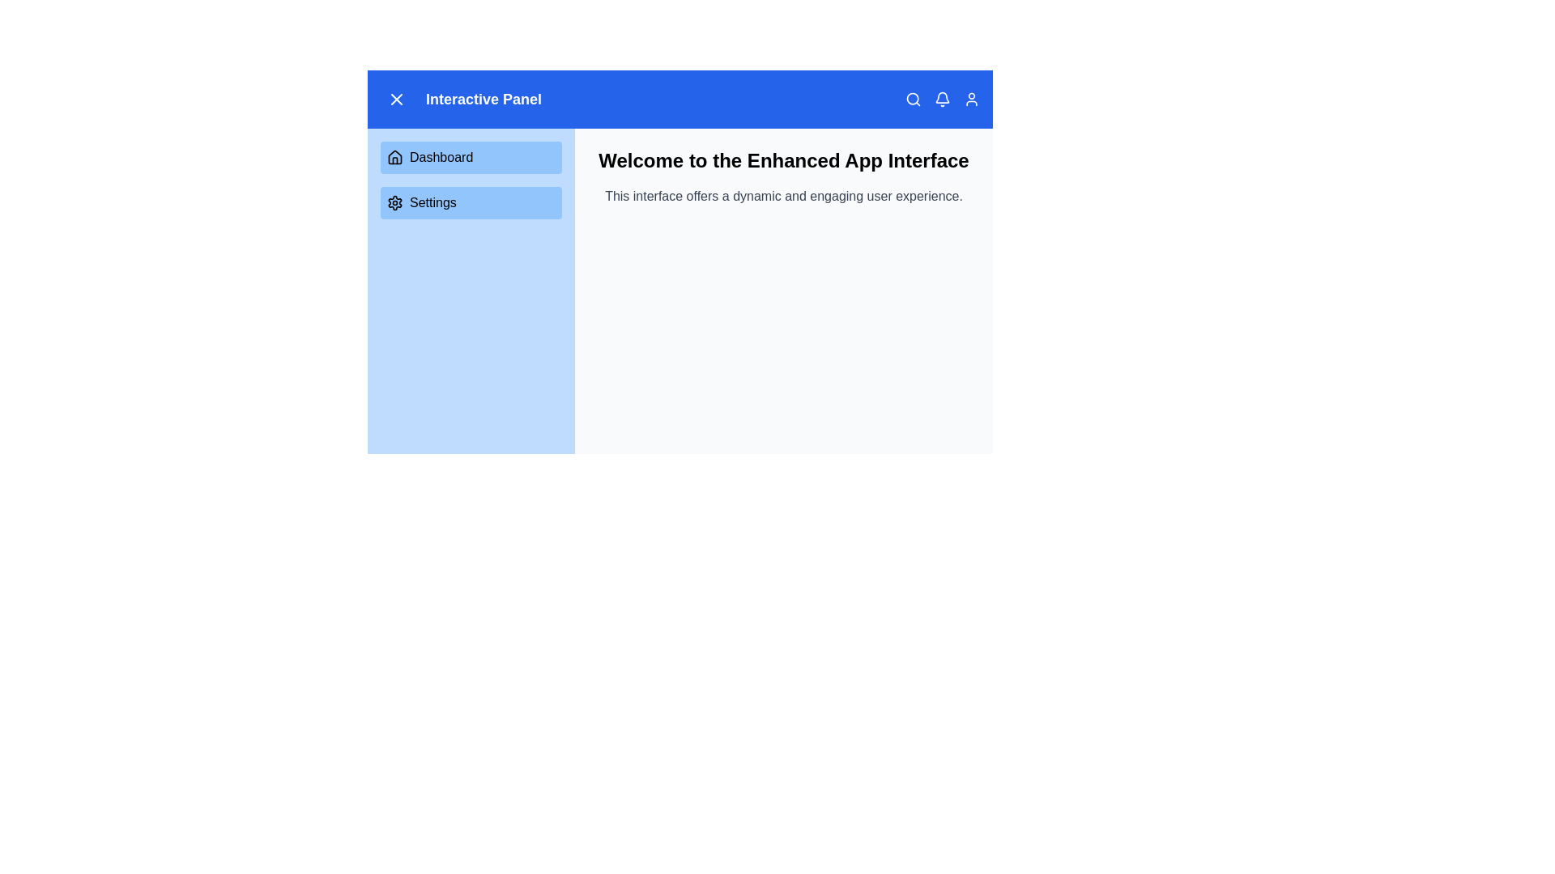 The width and height of the screenshot is (1555, 874). I want to click on the search button located at the top right corner of the application interface to change its color, so click(914, 100).